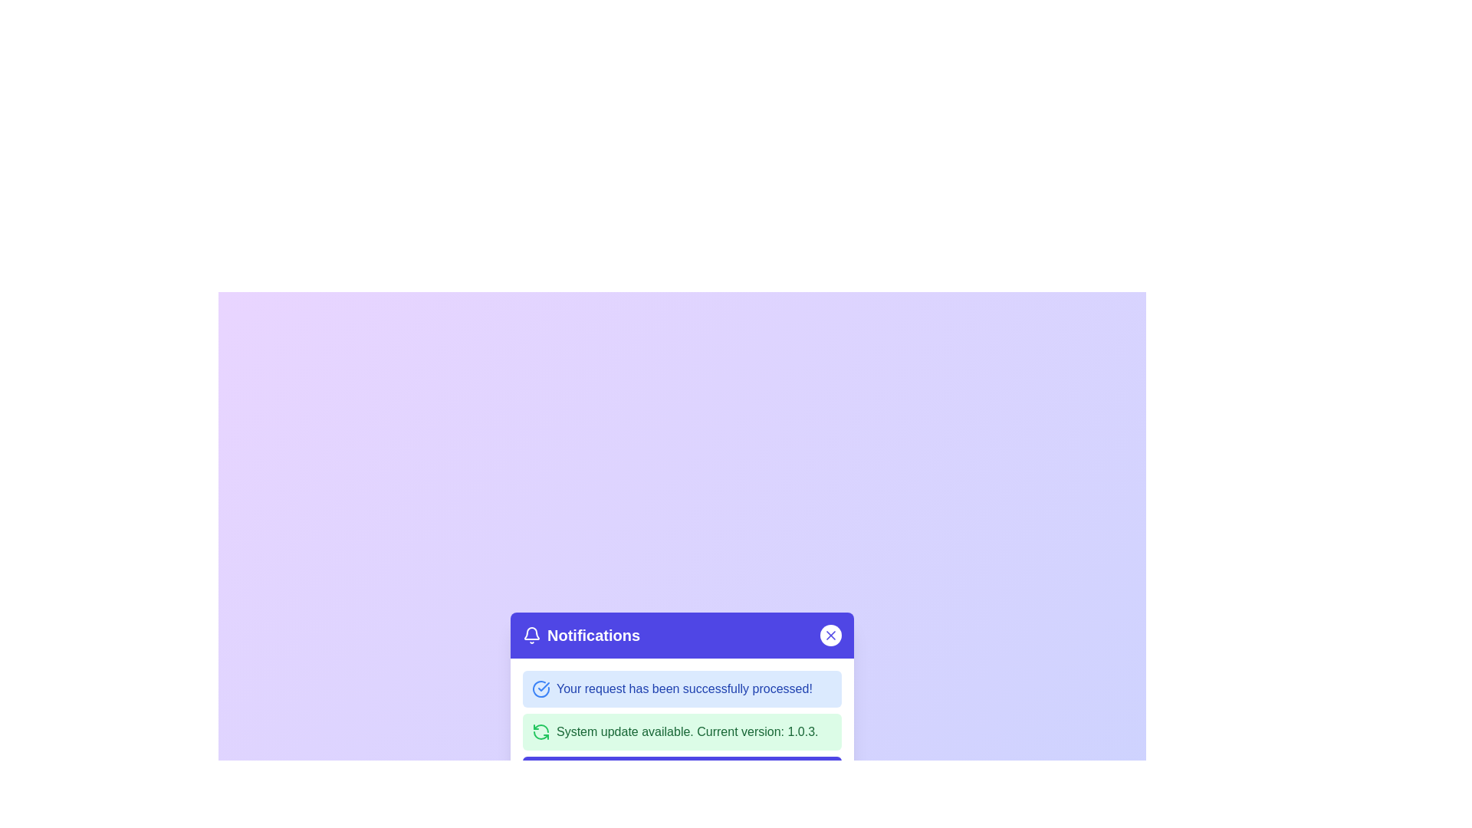 The image size is (1472, 828). I want to click on the system update icon located at the beginning of the notification message, which indicates that a system update is available, so click(540, 731).